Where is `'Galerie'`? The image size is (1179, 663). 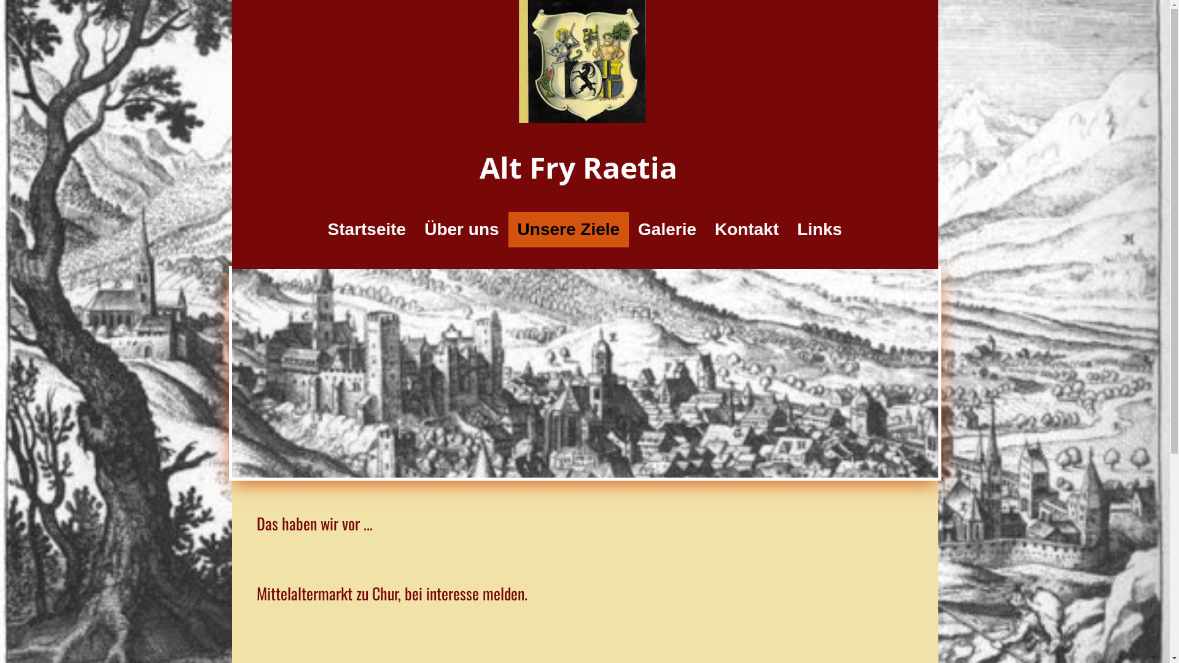
'Galerie' is located at coordinates (666, 230).